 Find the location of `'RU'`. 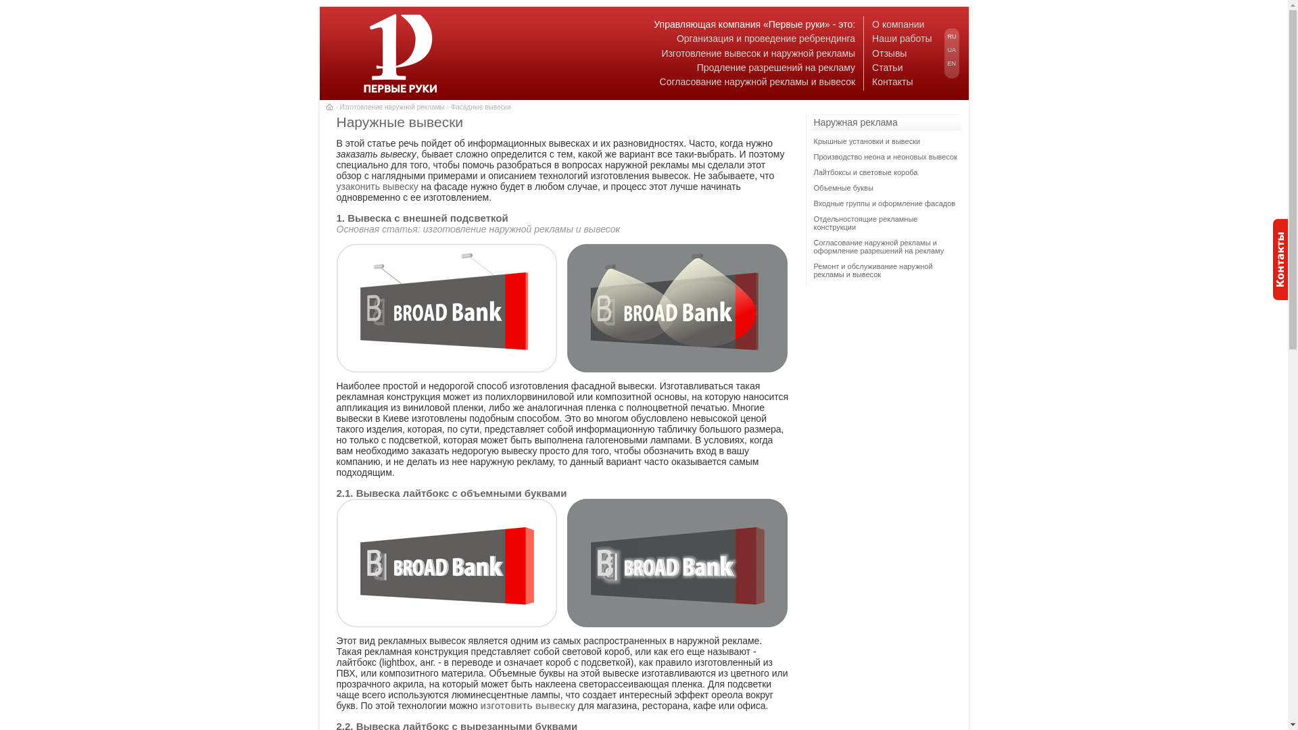

'RU' is located at coordinates (951, 36).